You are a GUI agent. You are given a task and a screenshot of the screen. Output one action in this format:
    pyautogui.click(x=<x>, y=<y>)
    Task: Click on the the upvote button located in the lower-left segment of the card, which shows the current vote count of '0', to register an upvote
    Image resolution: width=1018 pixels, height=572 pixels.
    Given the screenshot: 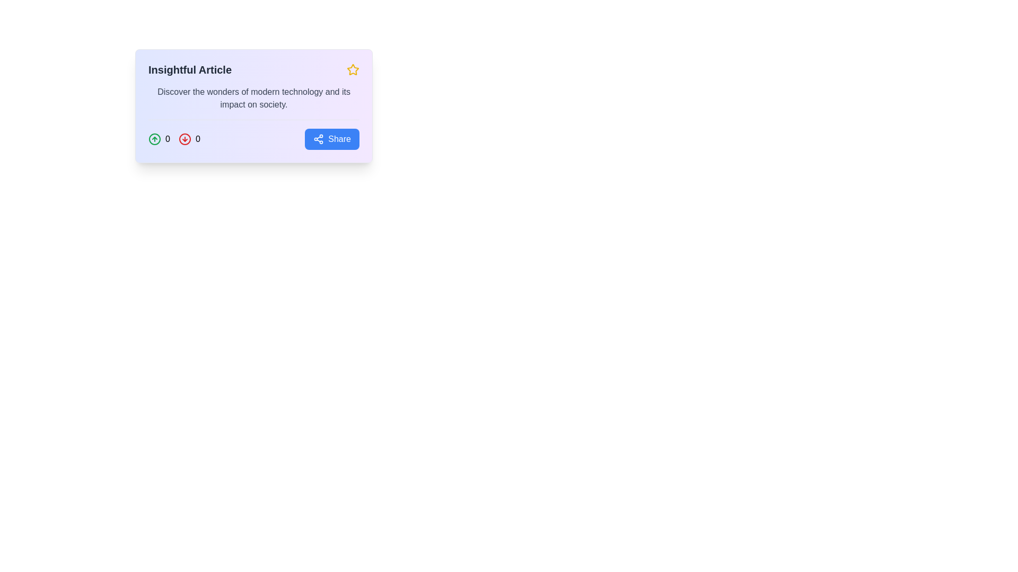 What is the action you would take?
    pyautogui.click(x=159, y=138)
    